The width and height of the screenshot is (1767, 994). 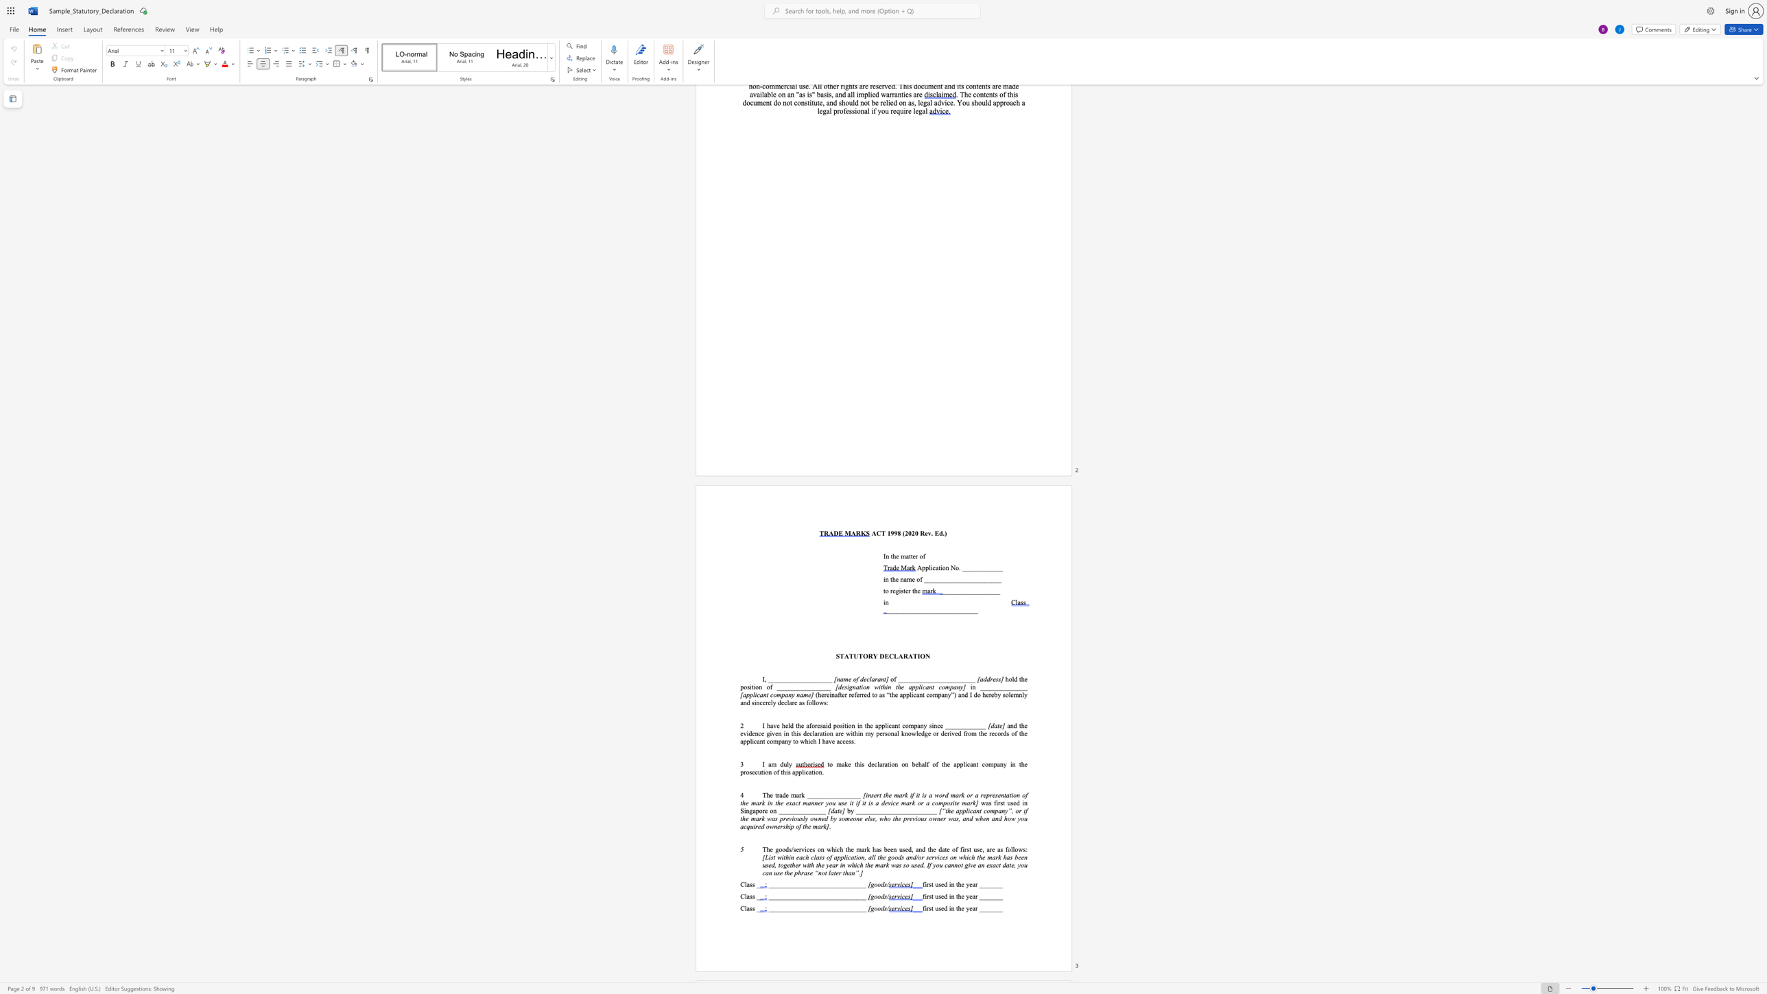 What do you see at coordinates (785, 678) in the screenshot?
I see `the subset text "________" within the text "I, ___________________"` at bounding box center [785, 678].